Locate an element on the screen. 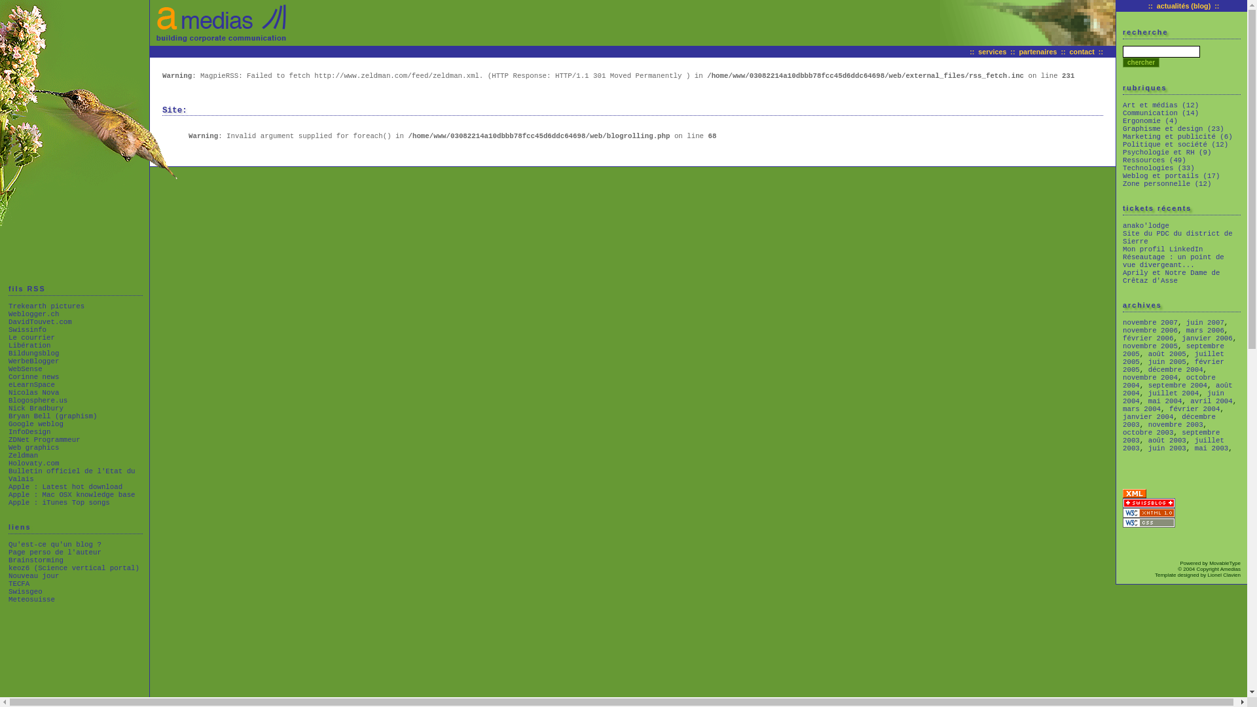 The width and height of the screenshot is (1257, 707). 'Nicolas Nova' is located at coordinates (33, 392).